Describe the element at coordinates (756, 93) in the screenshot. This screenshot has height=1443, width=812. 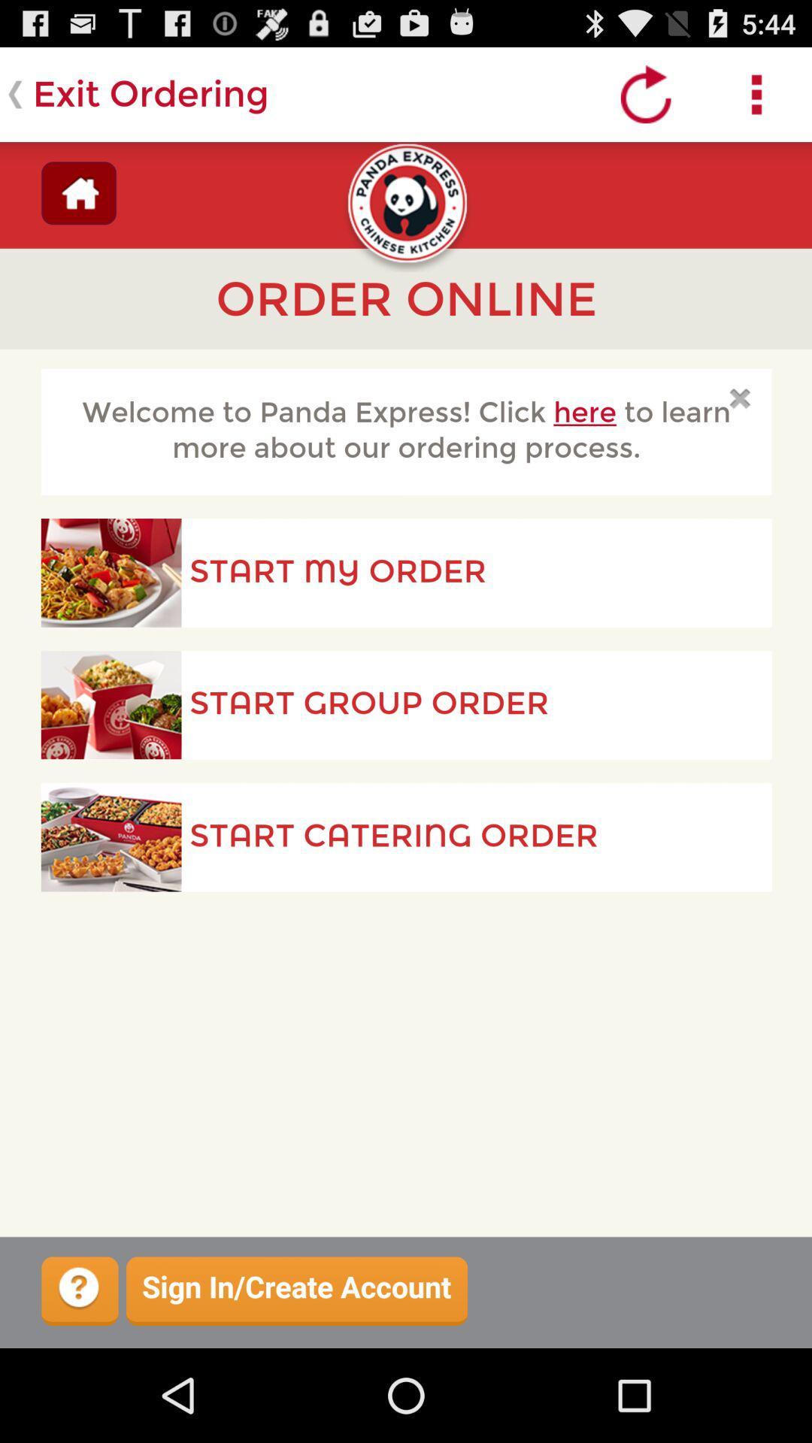
I see `show more` at that location.